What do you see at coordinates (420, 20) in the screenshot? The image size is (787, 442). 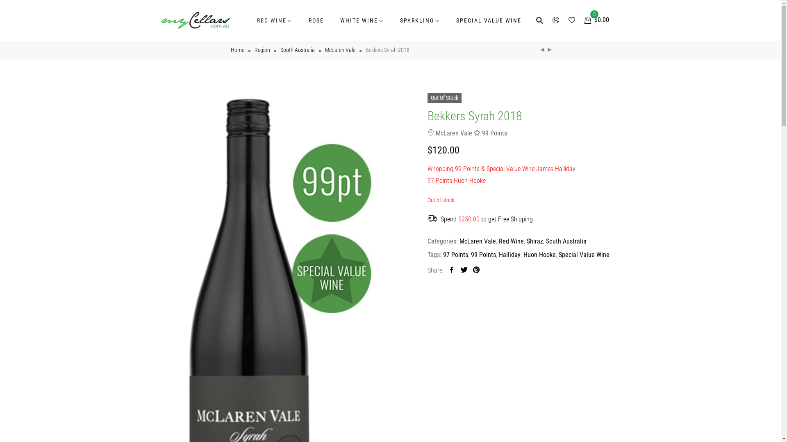 I see `'SPARKLING'` at bounding box center [420, 20].